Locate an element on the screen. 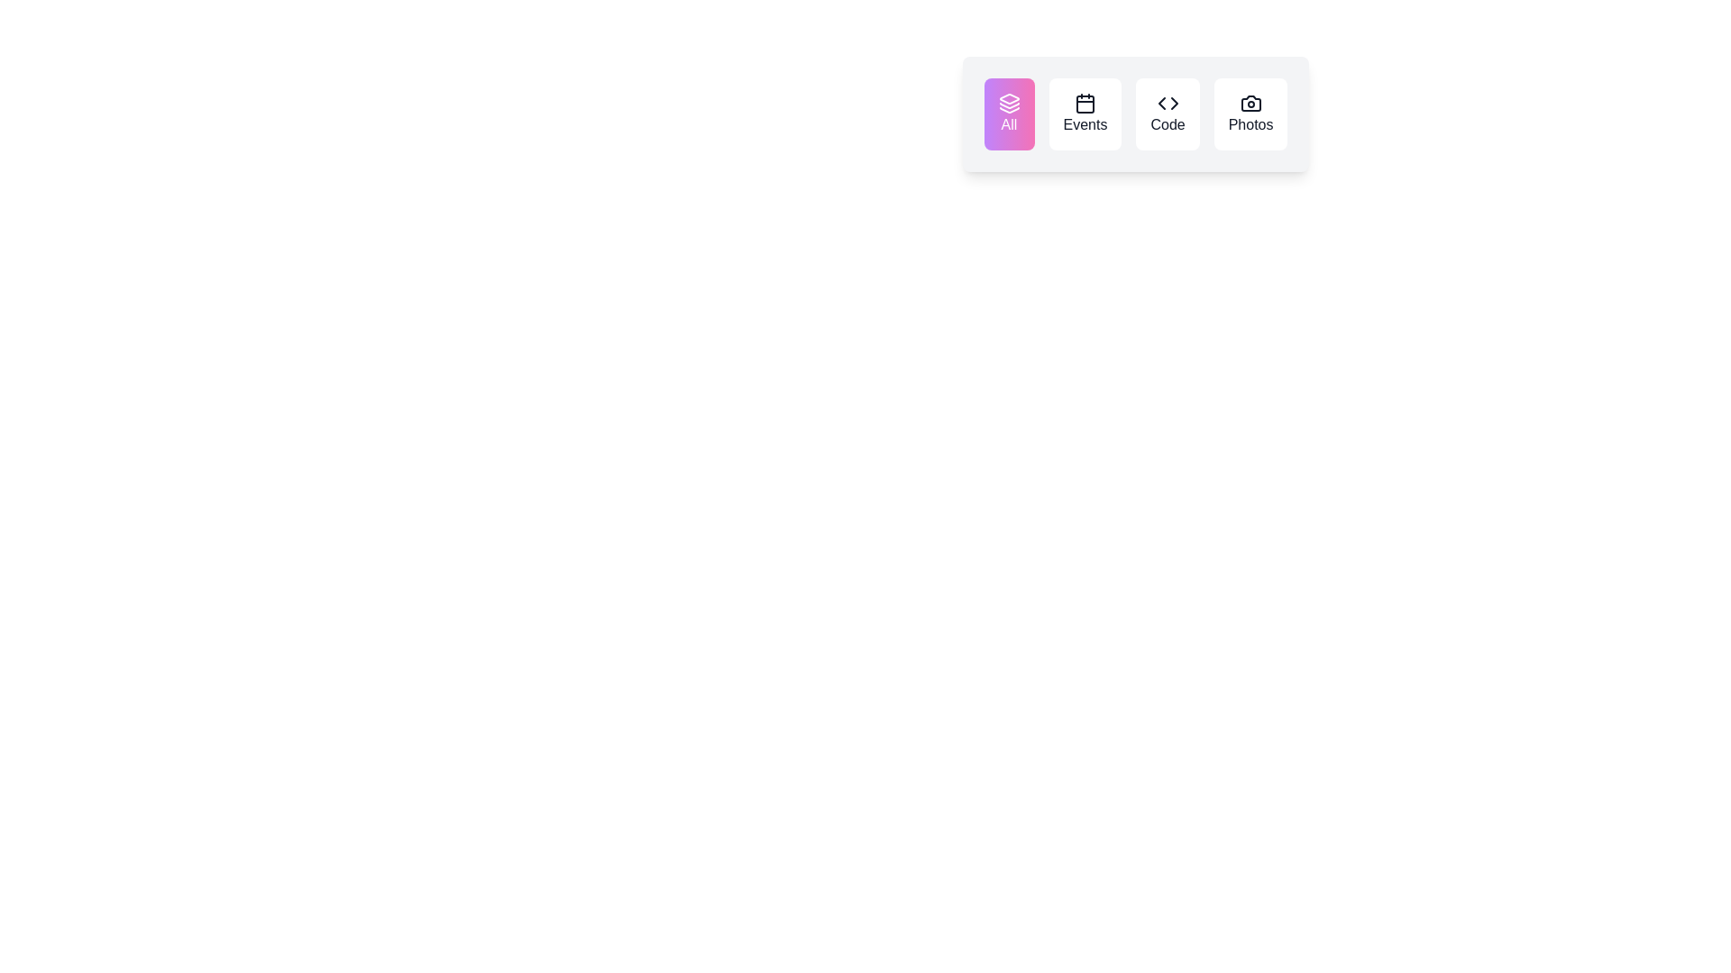 The width and height of the screenshot is (1731, 973). the camera icon in the 'Photos' section of the navigation bar, which is characterized by its minimalistic outline and sharp edges is located at coordinates (1250, 104).